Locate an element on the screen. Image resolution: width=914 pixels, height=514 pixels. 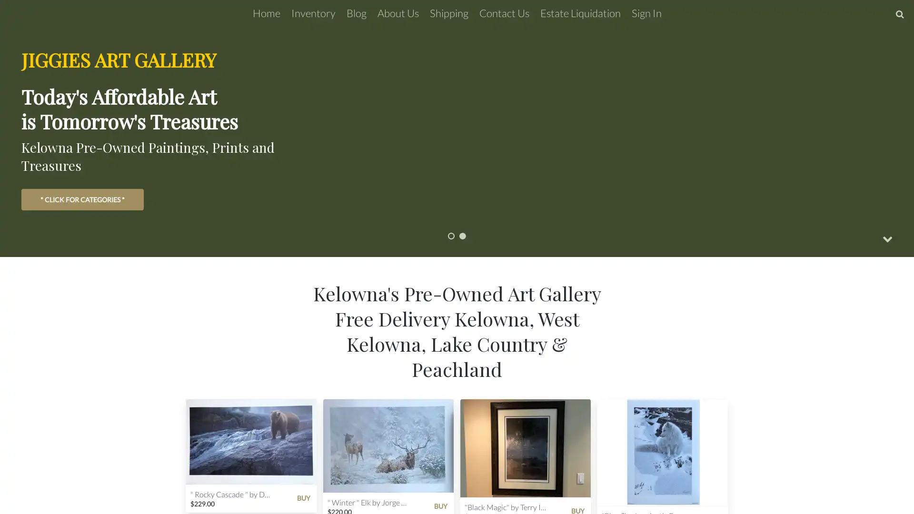
2 is located at coordinates (462, 236).